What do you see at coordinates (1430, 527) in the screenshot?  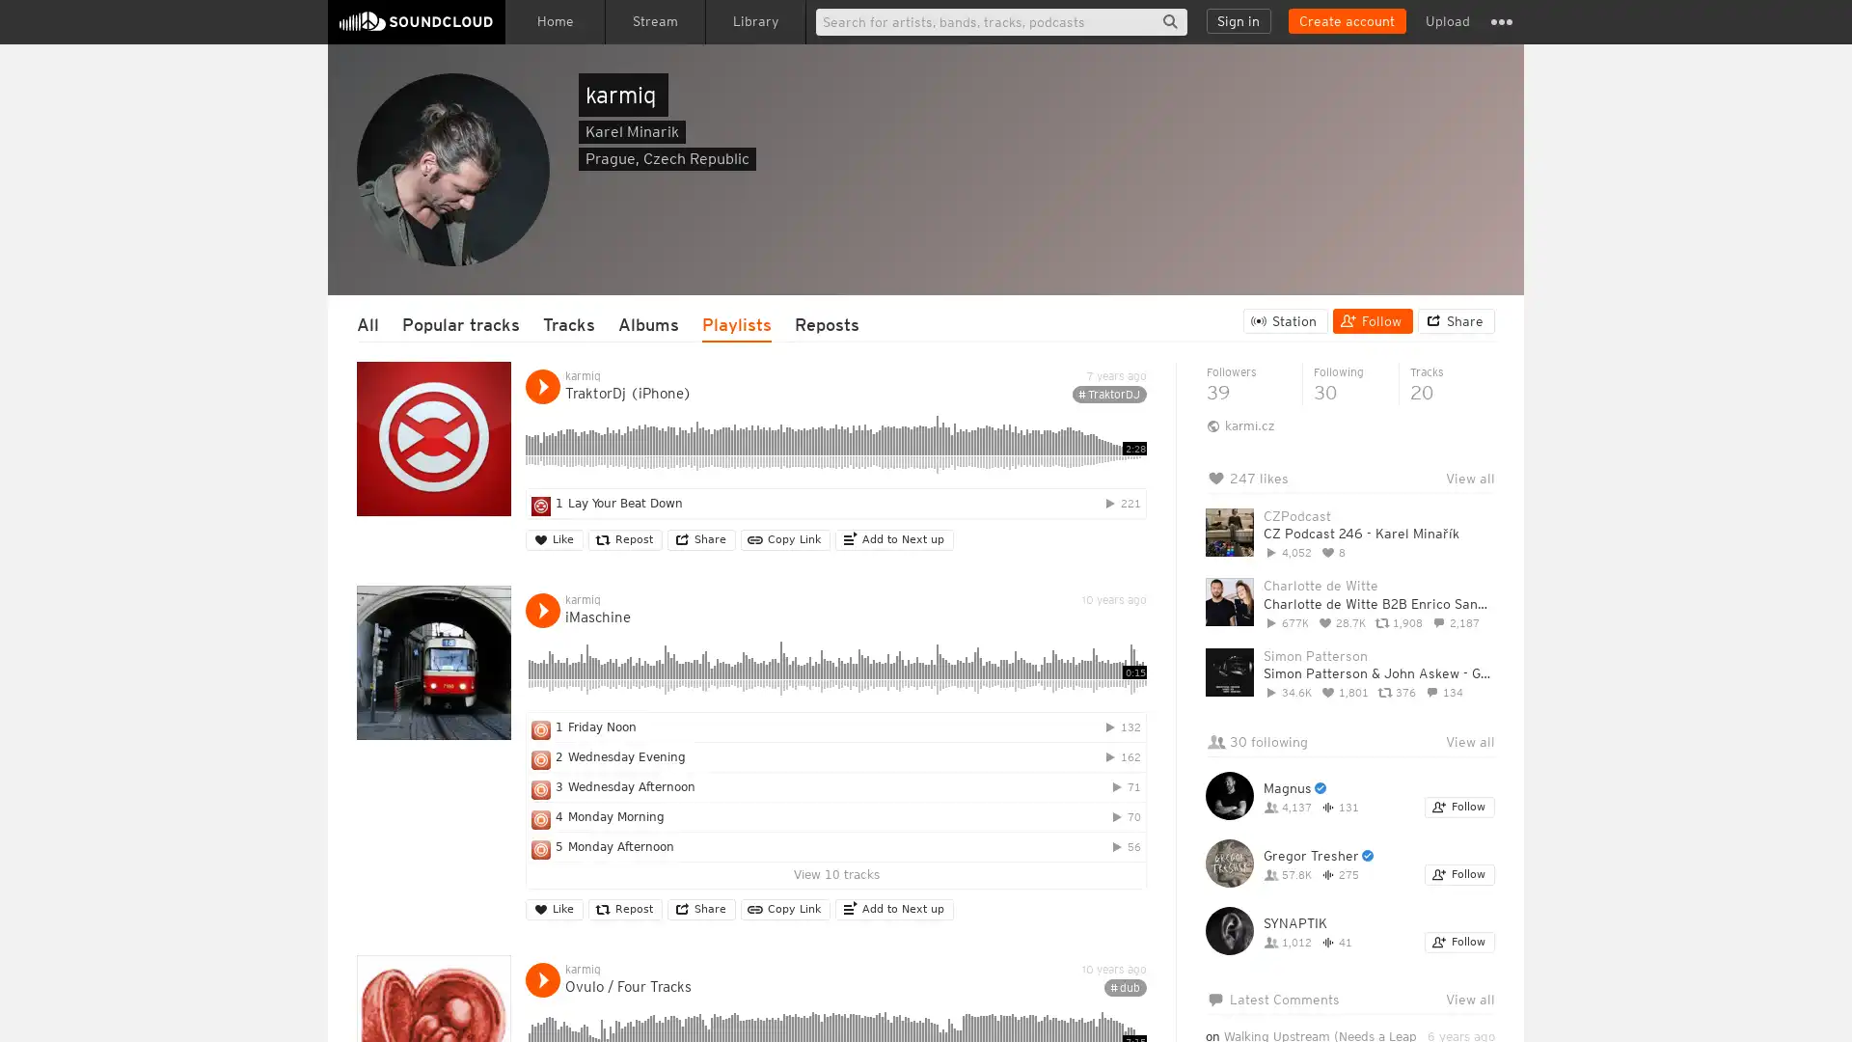 I see `Clear` at bounding box center [1430, 527].